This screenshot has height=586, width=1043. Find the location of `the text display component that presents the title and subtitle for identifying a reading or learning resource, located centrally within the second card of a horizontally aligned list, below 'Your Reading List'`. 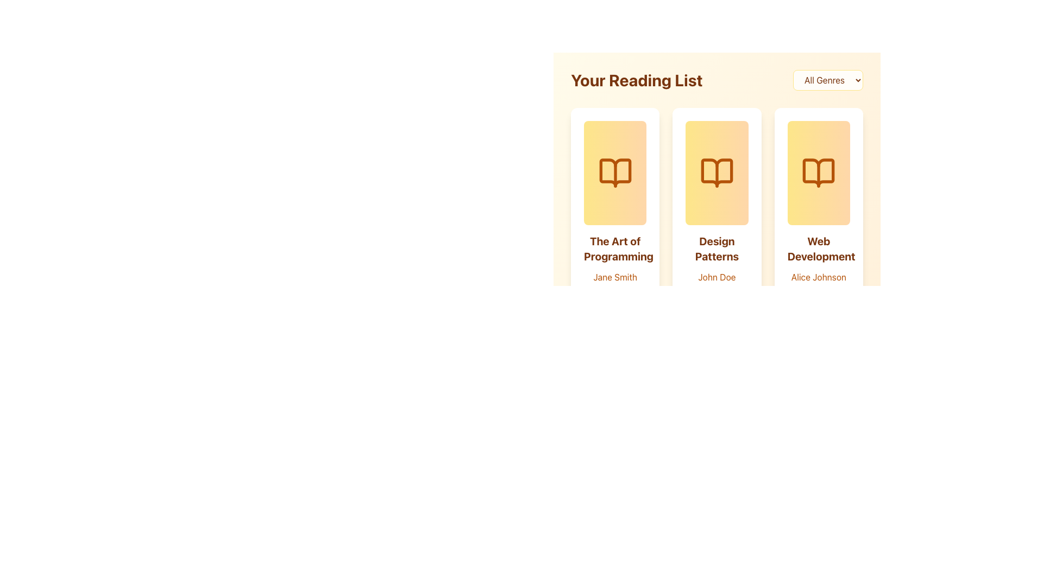

the text display component that presents the title and subtitle for identifying a reading or learning resource, located centrally within the second card of a horizontally aligned list, below 'Your Reading List' is located at coordinates (717, 281).